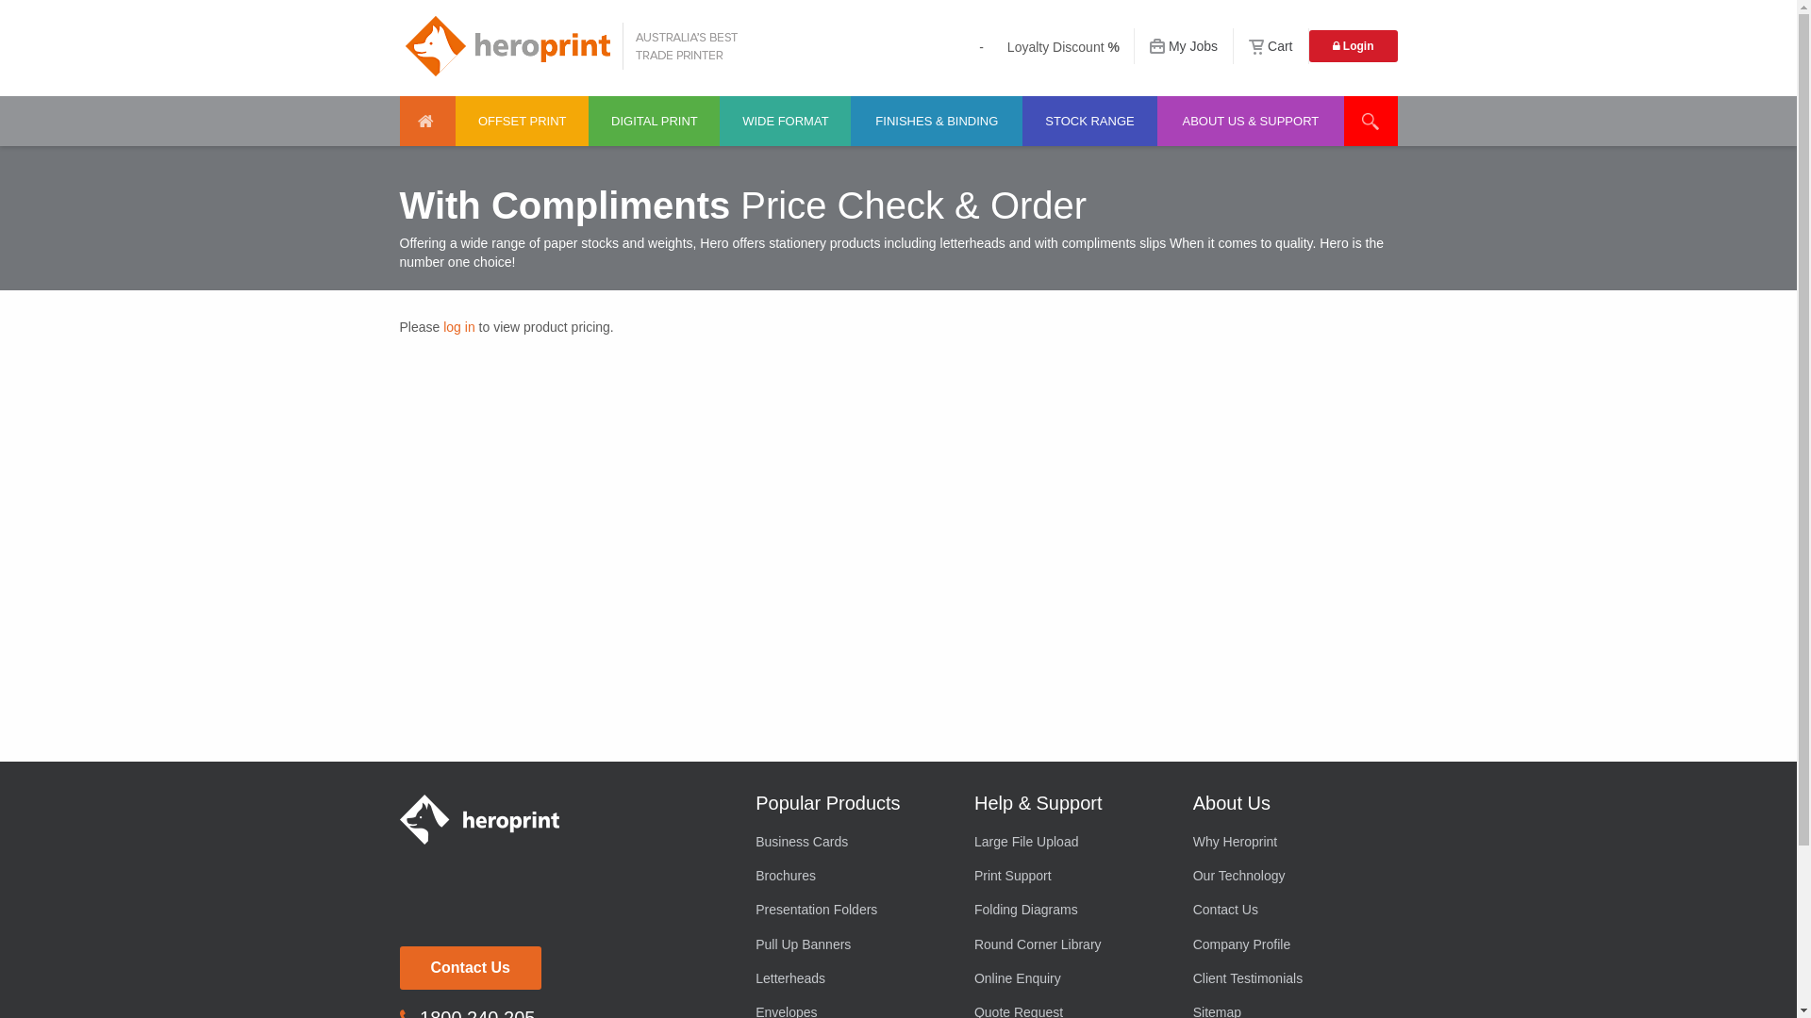 This screenshot has width=1811, height=1018. Describe the element at coordinates (850, 876) in the screenshot. I see `'Brochures'` at that location.